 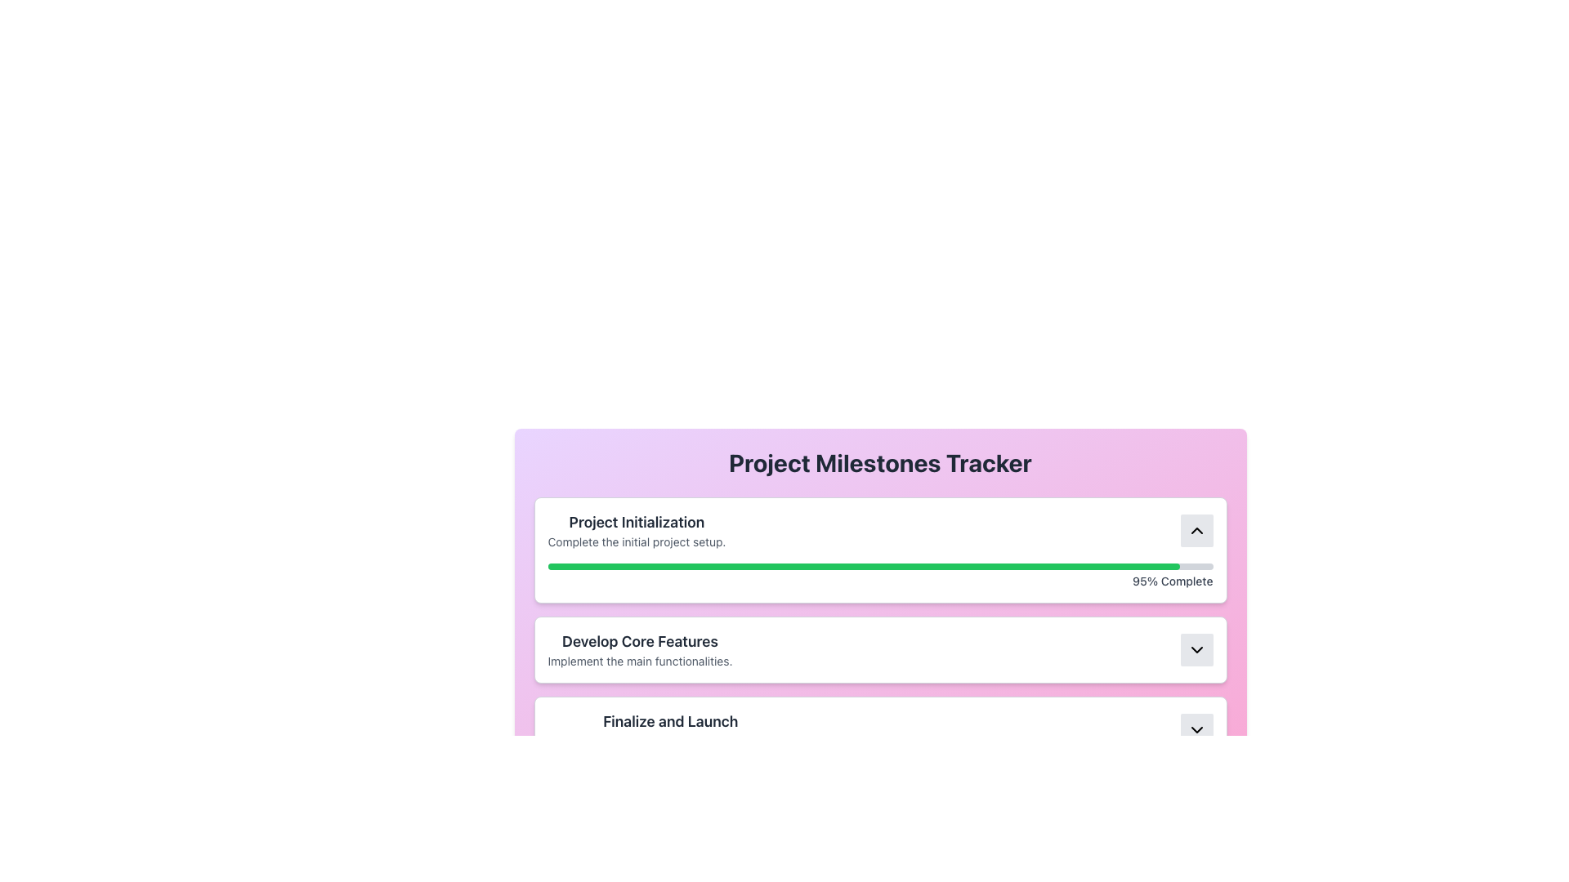 I want to click on the green progress indicator located under the 'Project Initialization' section of the 'Project Milestones Tracker' interface, so click(x=863, y=566).